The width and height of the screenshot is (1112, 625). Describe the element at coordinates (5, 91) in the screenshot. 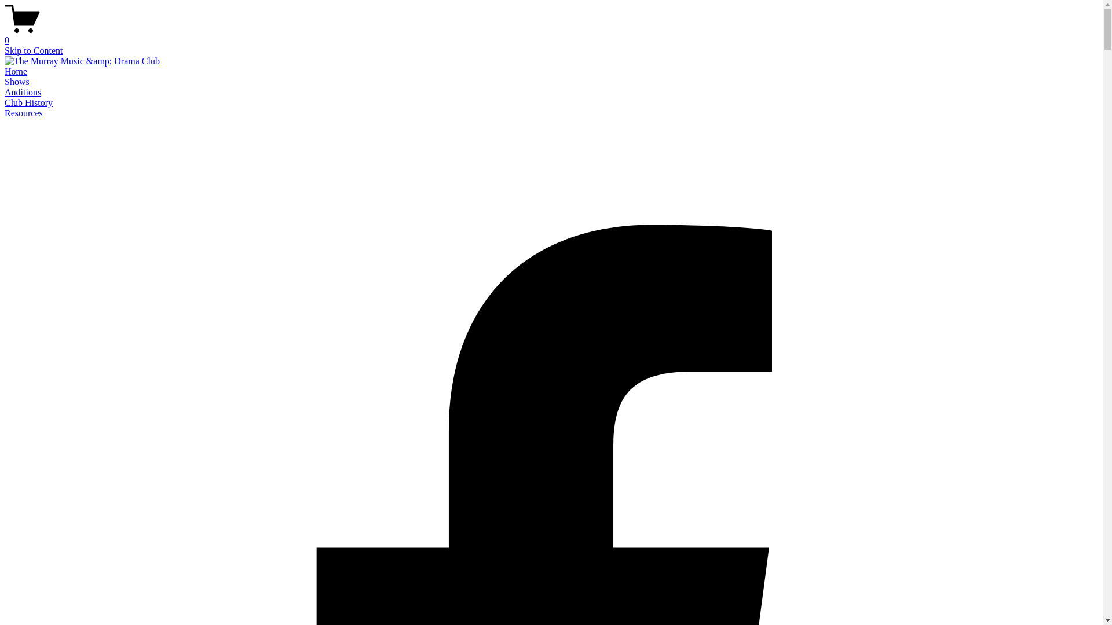

I see `'Auditions'` at that location.